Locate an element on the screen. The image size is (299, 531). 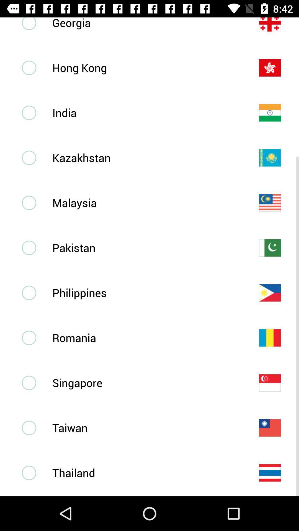
the india item is located at coordinates (146, 112).